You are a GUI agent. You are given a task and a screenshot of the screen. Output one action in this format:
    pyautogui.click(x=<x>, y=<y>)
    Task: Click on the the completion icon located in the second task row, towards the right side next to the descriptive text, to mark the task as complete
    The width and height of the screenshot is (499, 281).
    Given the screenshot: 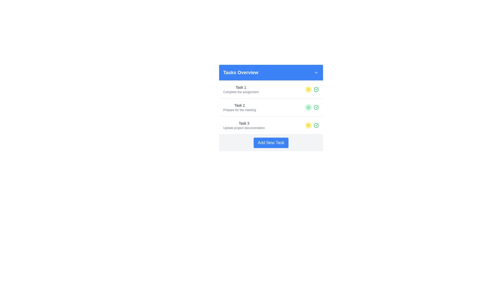 What is the action you would take?
    pyautogui.click(x=316, y=107)
    